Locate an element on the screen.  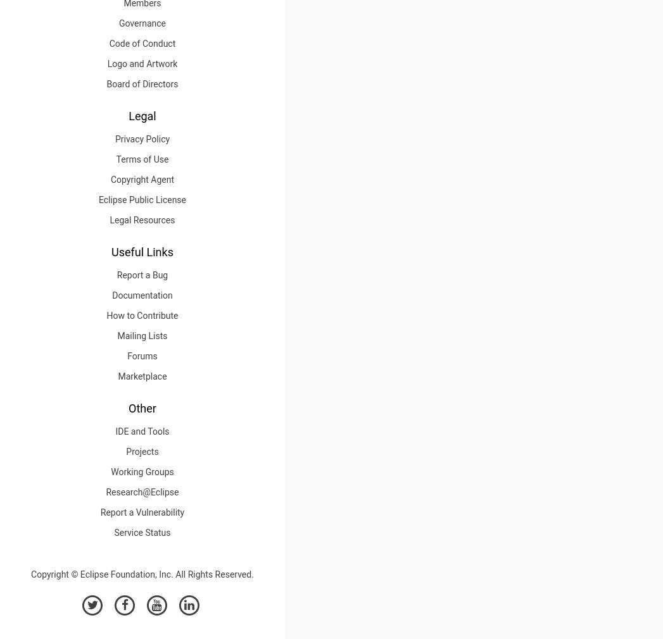
'Governance' is located at coordinates (141, 22).